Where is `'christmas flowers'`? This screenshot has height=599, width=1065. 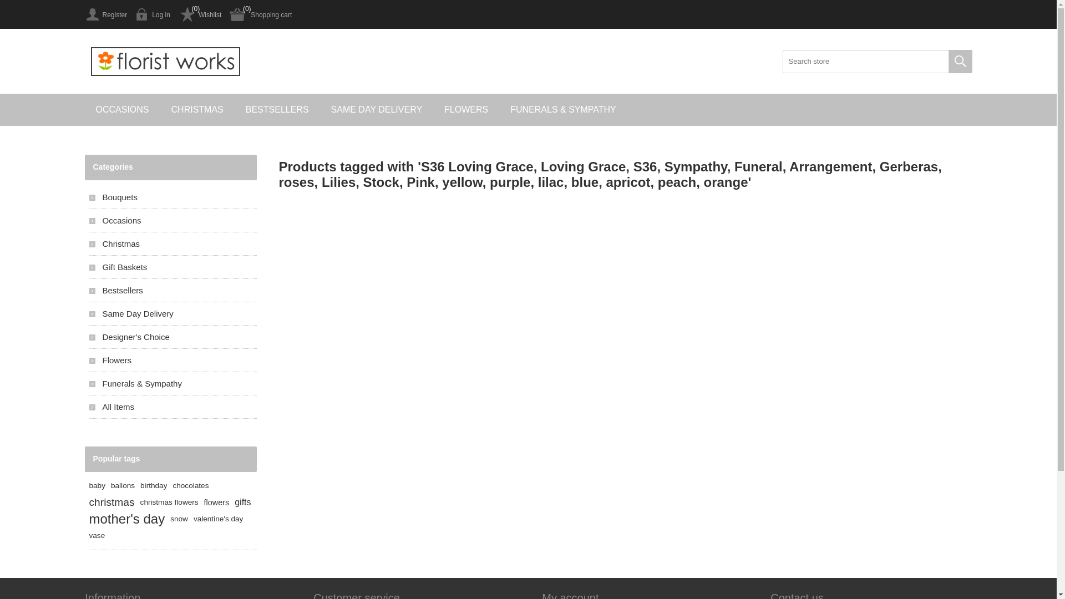 'christmas flowers' is located at coordinates (140, 502).